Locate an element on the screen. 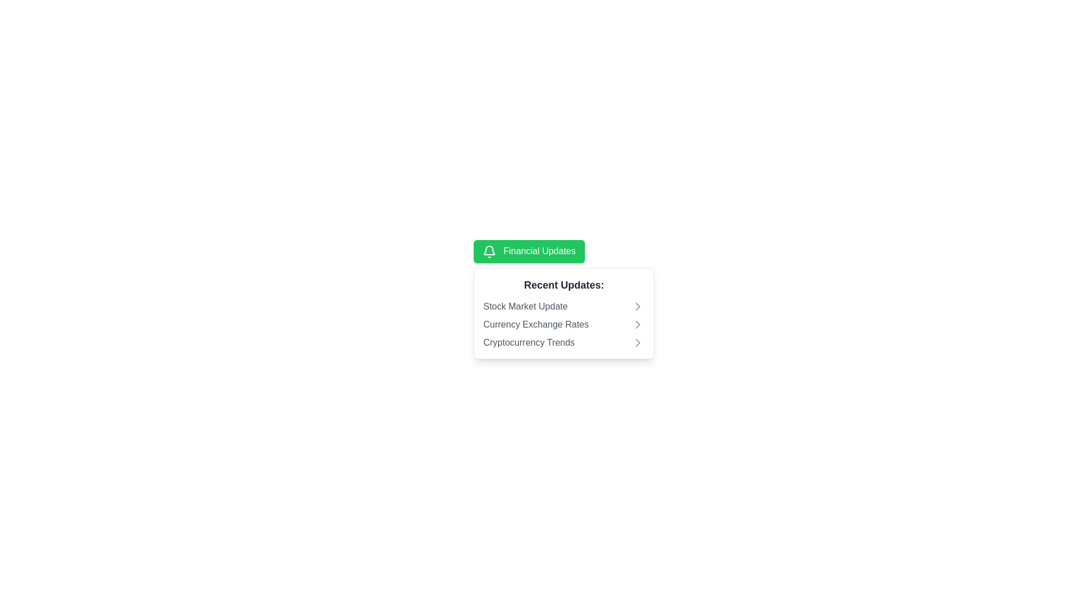 Image resolution: width=1084 pixels, height=610 pixels. the 'Currency Exchange Rates' header in the Vertical List located under 'Recent Updates:' is located at coordinates (564, 324).